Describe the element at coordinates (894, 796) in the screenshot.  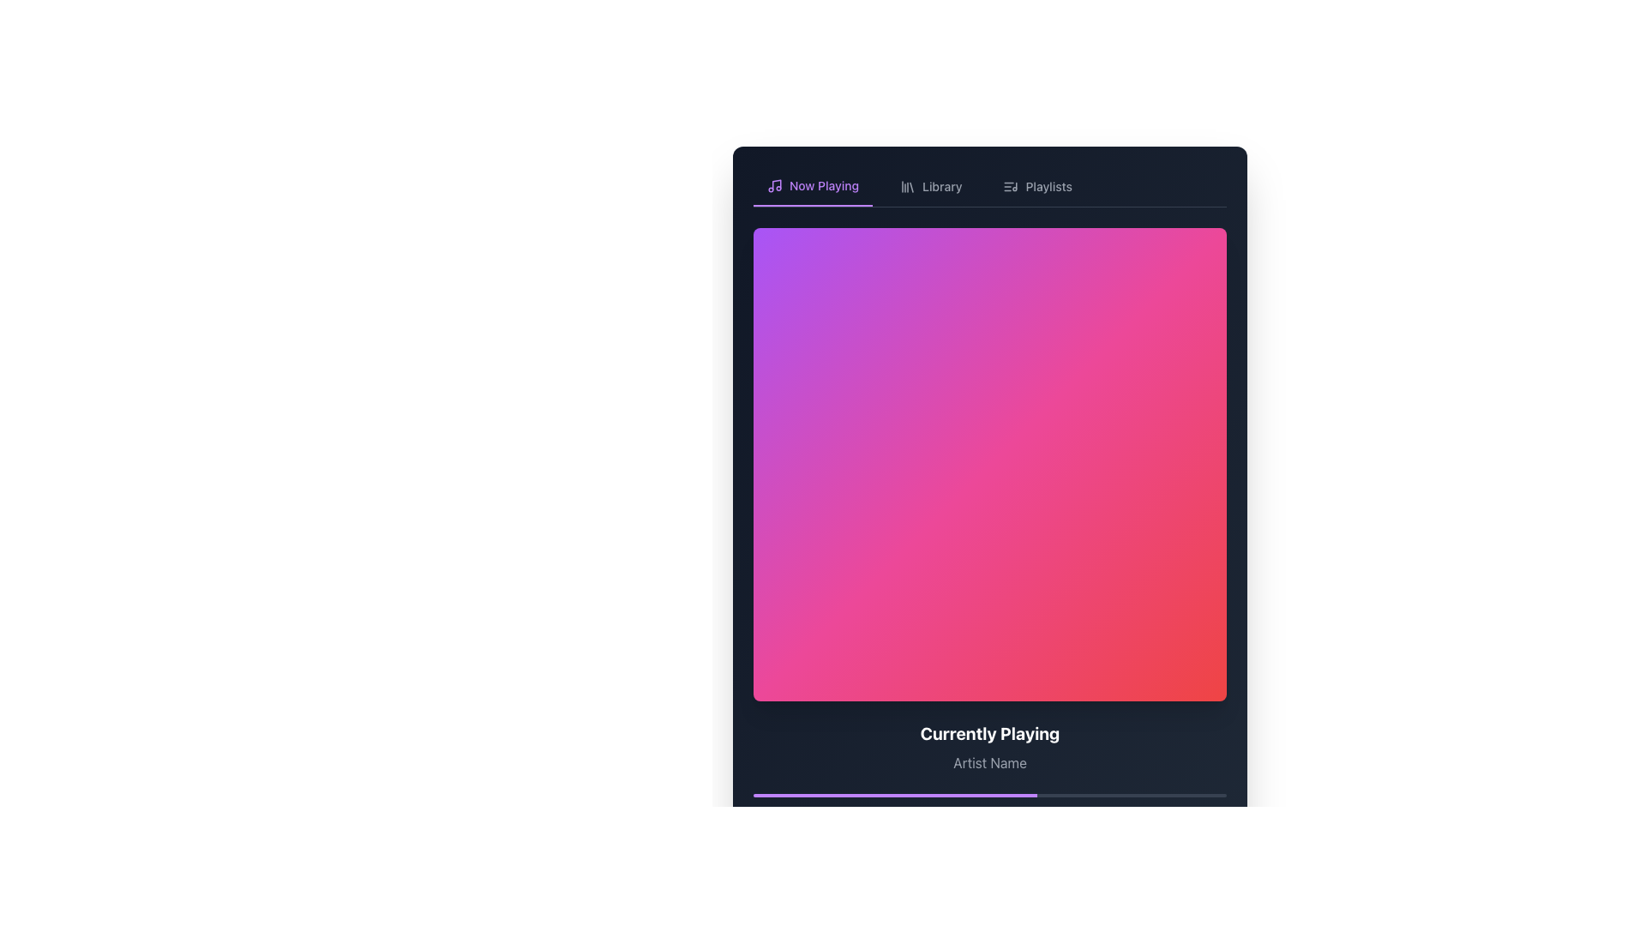
I see `the filled purple segment of the progress bar located at the bottom of the interface, under 'Currently Playing' and 'Artist Name'` at that location.